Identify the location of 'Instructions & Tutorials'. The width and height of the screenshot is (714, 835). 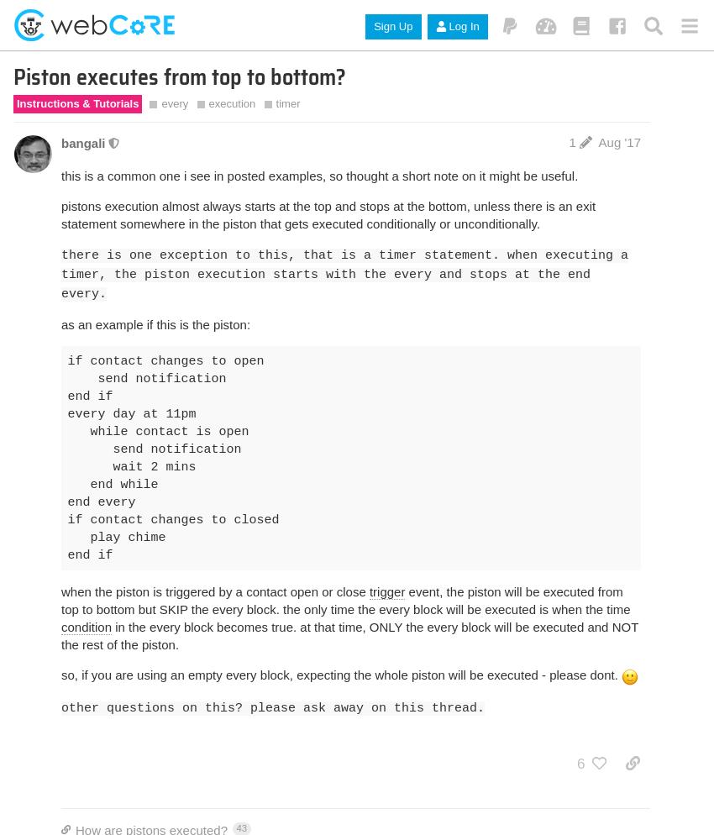
(76, 102).